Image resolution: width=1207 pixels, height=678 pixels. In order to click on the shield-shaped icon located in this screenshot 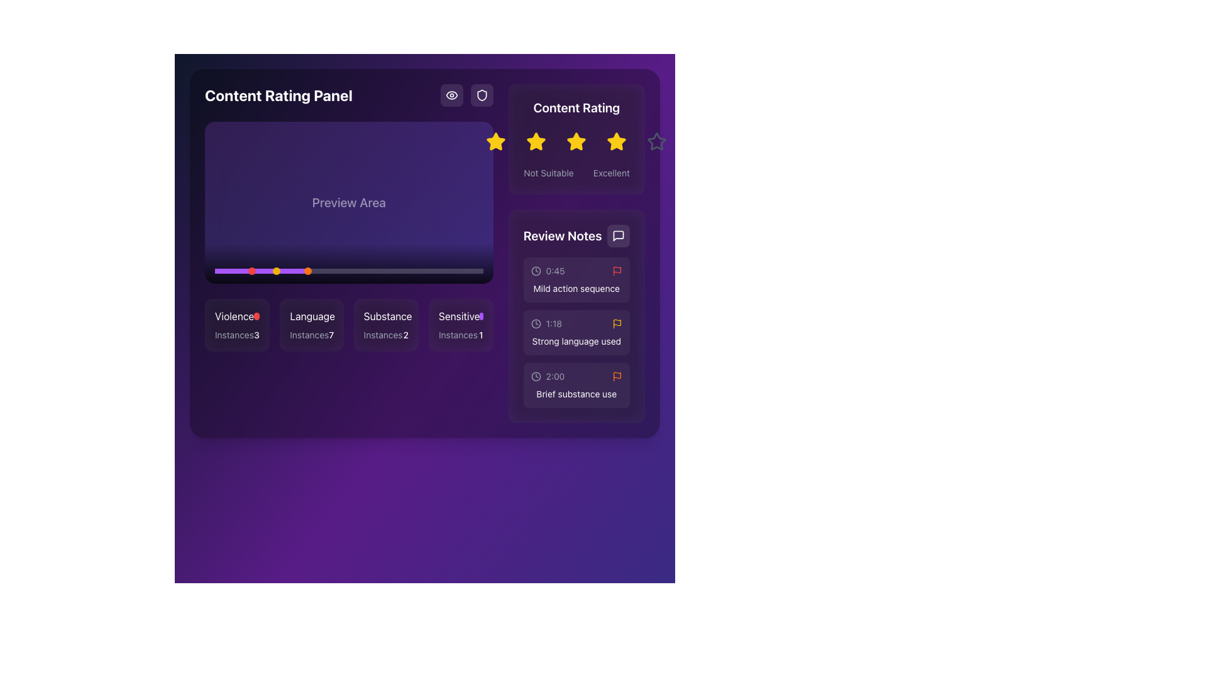, I will do `click(481, 94)`.